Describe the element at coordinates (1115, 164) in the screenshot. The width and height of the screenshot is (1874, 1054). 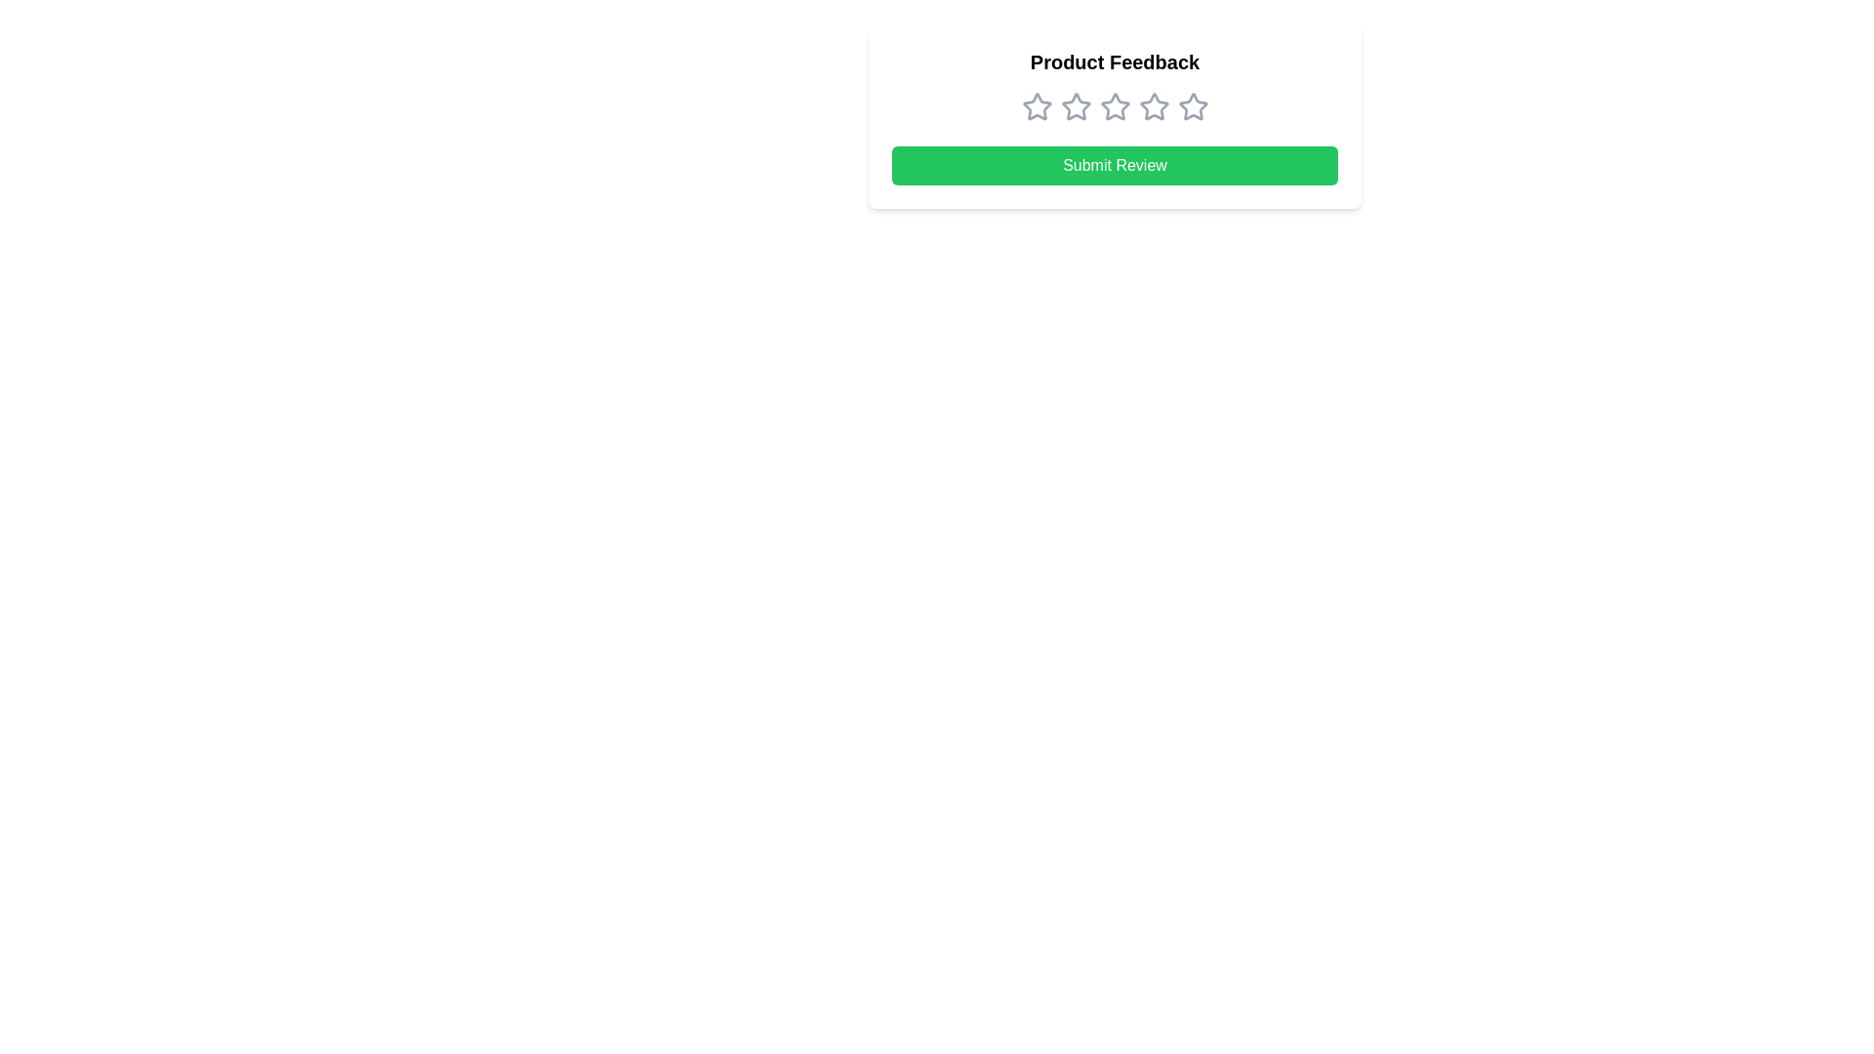
I see `the 'Submit Review' button, which has a green background and white text, located at the bottom of the feedback form panel` at that location.